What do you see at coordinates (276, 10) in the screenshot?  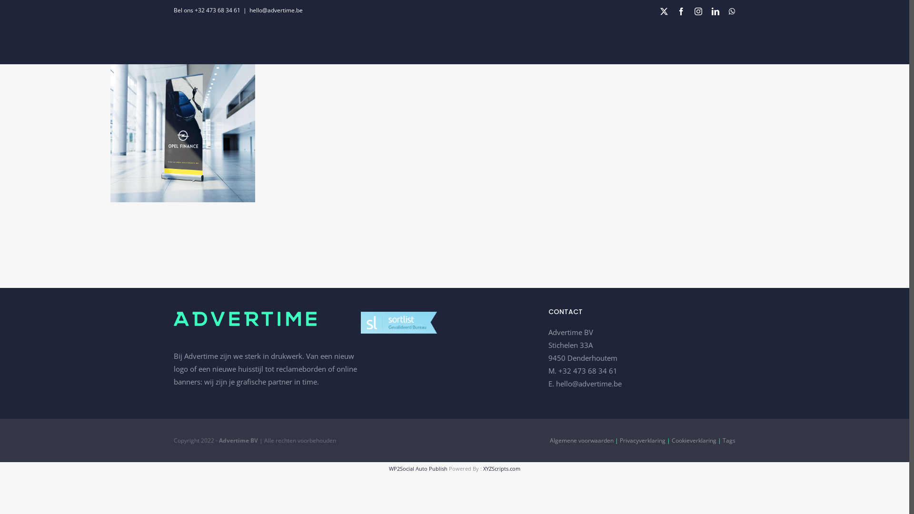 I see `'hello@advertime.be'` at bounding box center [276, 10].